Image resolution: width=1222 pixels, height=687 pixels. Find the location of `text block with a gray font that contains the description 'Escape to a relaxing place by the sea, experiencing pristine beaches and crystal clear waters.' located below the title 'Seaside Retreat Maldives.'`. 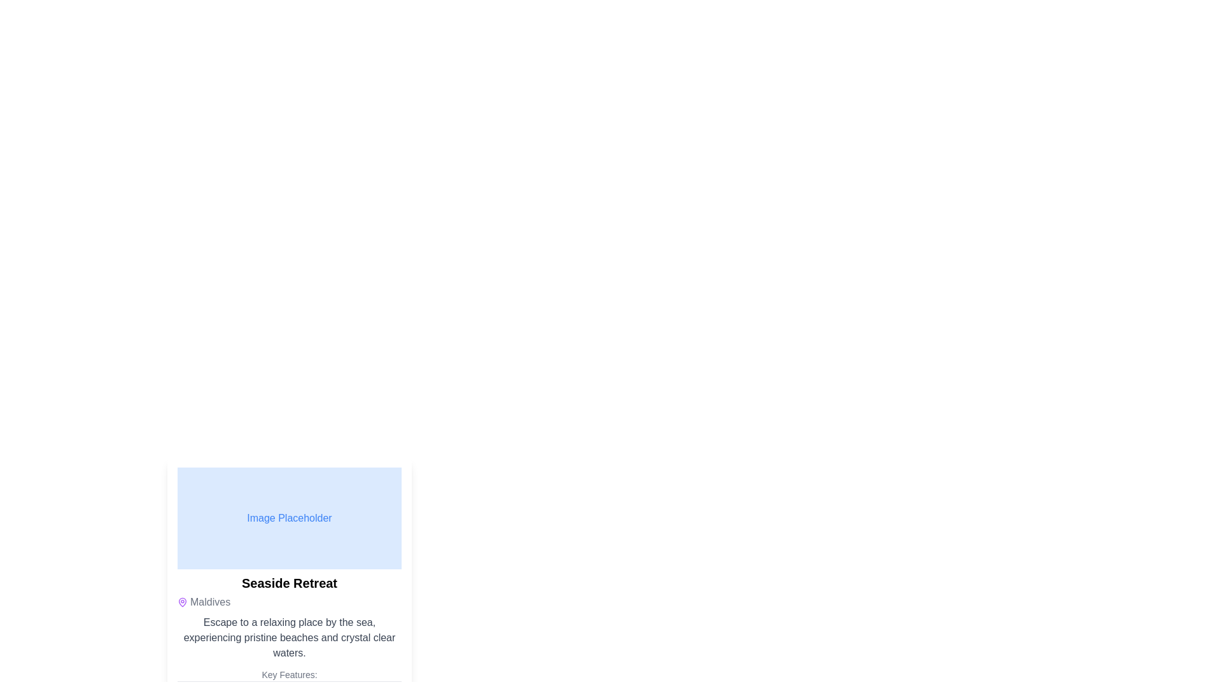

text block with a gray font that contains the description 'Escape to a relaxing place by the sea, experiencing pristine beaches and crystal clear waters.' located below the title 'Seaside Retreat Maldives.' is located at coordinates (289, 637).